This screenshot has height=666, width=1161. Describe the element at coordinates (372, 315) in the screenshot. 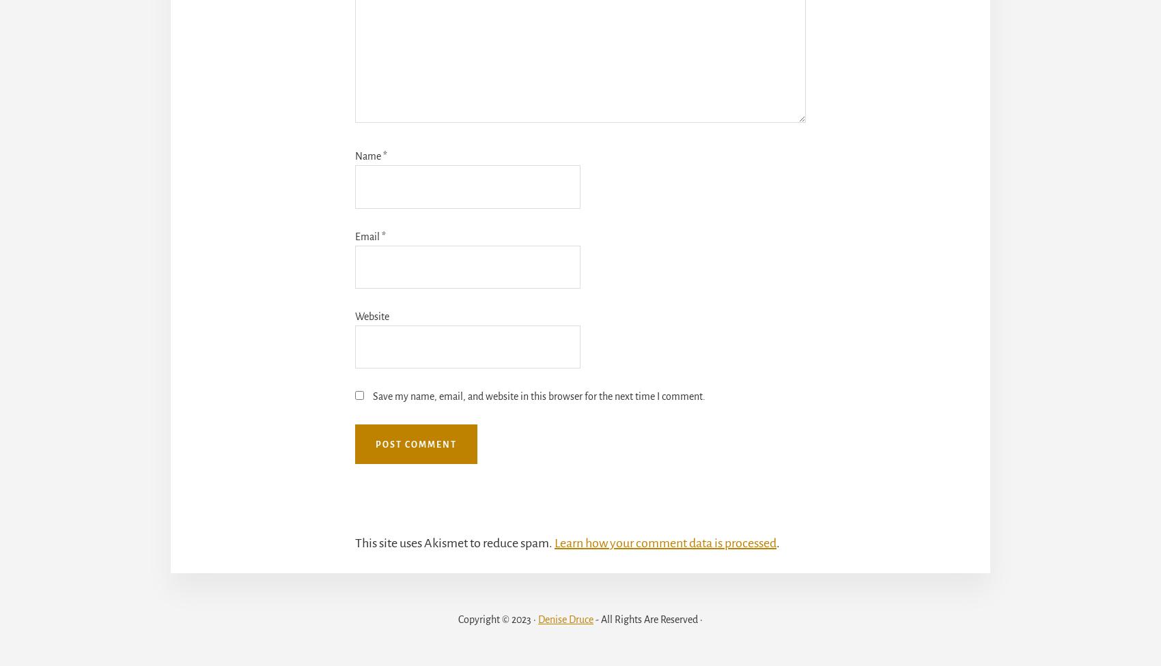

I see `'Website'` at that location.